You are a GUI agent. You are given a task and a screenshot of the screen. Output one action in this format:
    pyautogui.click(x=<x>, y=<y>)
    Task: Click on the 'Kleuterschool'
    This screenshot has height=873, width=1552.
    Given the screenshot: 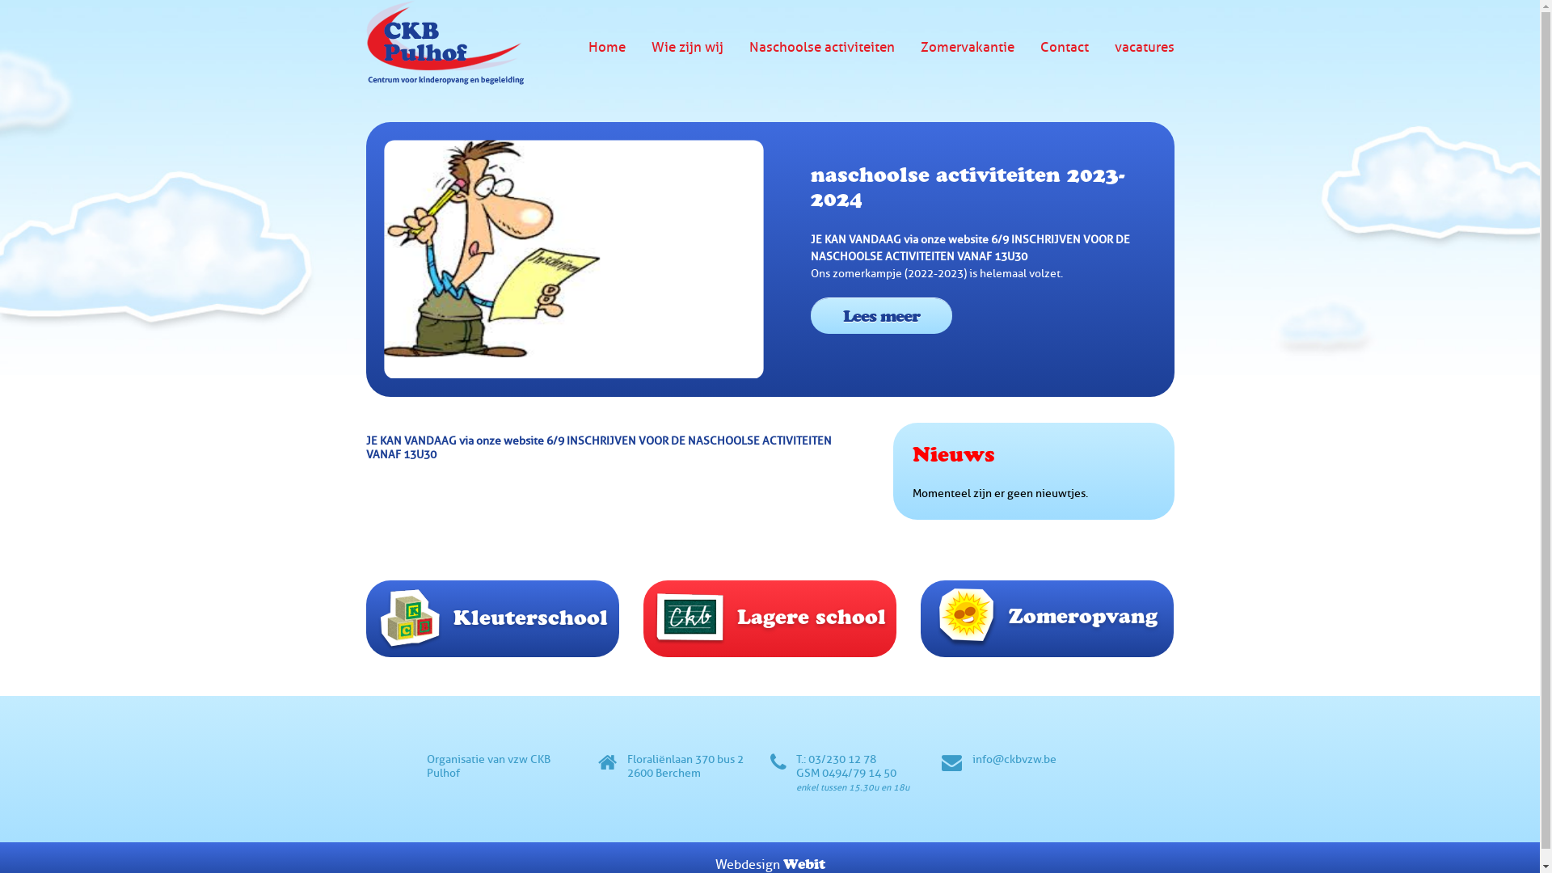 What is the action you would take?
    pyautogui.click(x=491, y=617)
    